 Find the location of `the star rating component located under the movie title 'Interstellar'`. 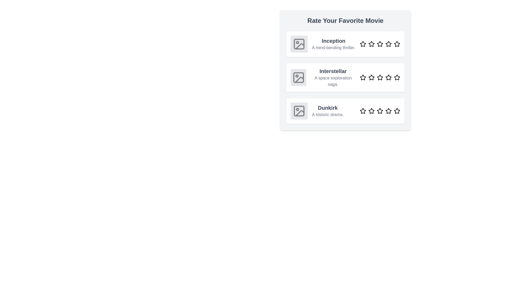

the star rating component located under the movie title 'Interstellar' is located at coordinates (380, 78).